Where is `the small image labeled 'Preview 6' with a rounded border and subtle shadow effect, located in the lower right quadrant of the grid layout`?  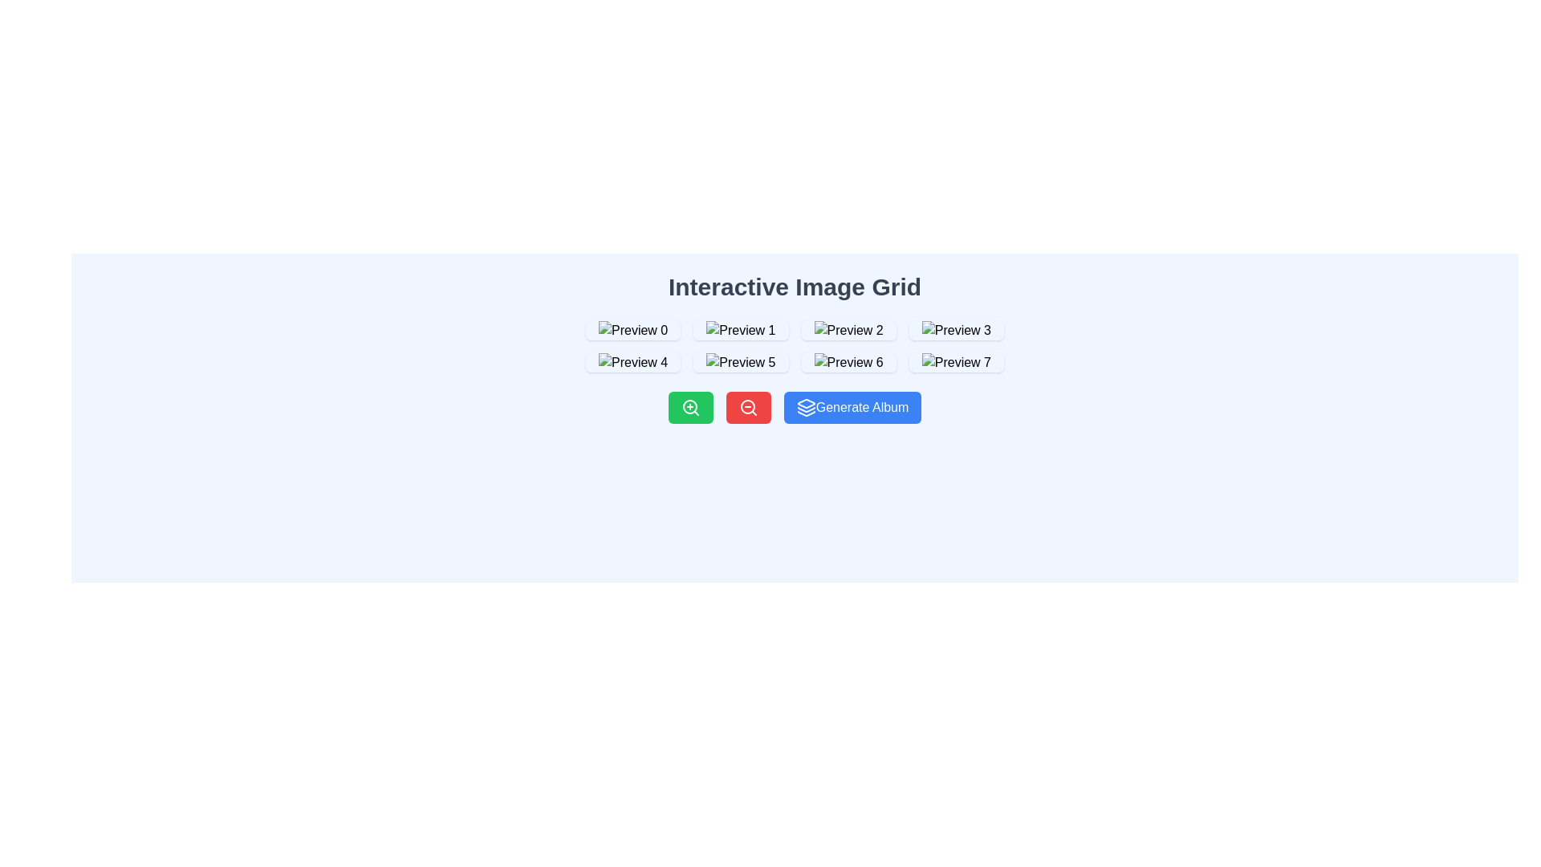 the small image labeled 'Preview 6' with a rounded border and subtle shadow effect, located in the lower right quadrant of the grid layout is located at coordinates (848, 362).